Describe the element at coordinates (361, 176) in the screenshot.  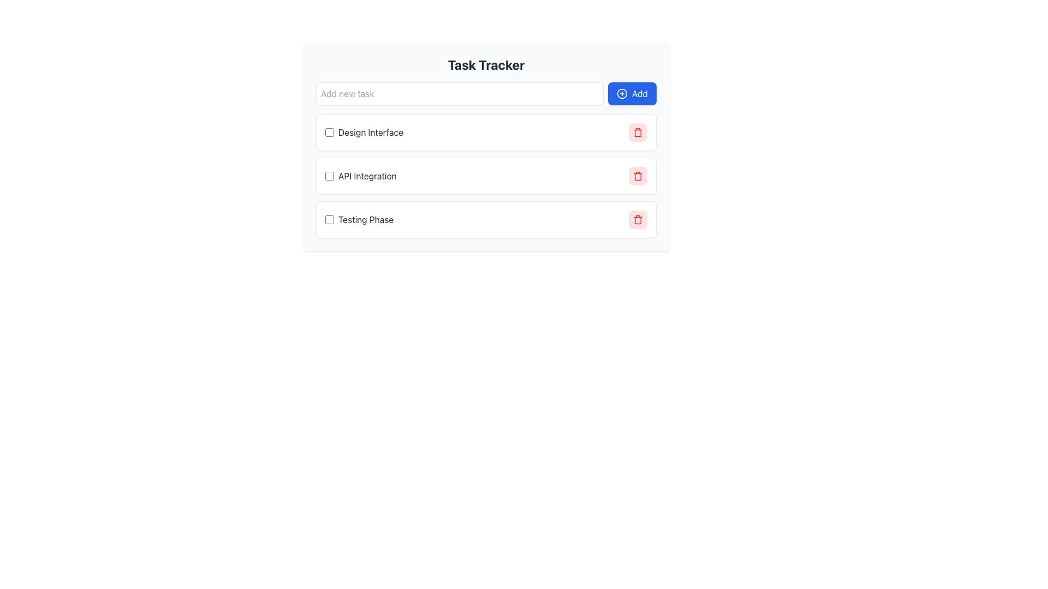
I see `the checkbox or delete button associated with the 'API Integration' task, which is located in the second row of the task list beneath 'Design Interface'` at that location.